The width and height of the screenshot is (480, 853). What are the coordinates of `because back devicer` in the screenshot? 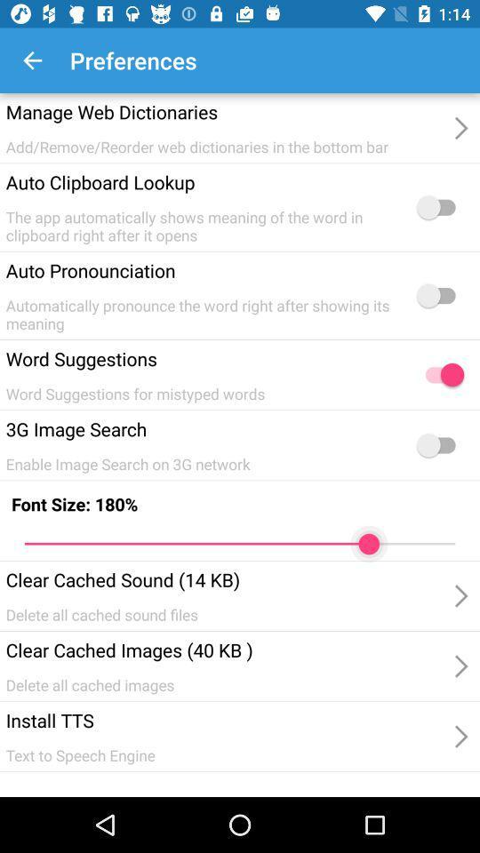 It's located at (439, 444).